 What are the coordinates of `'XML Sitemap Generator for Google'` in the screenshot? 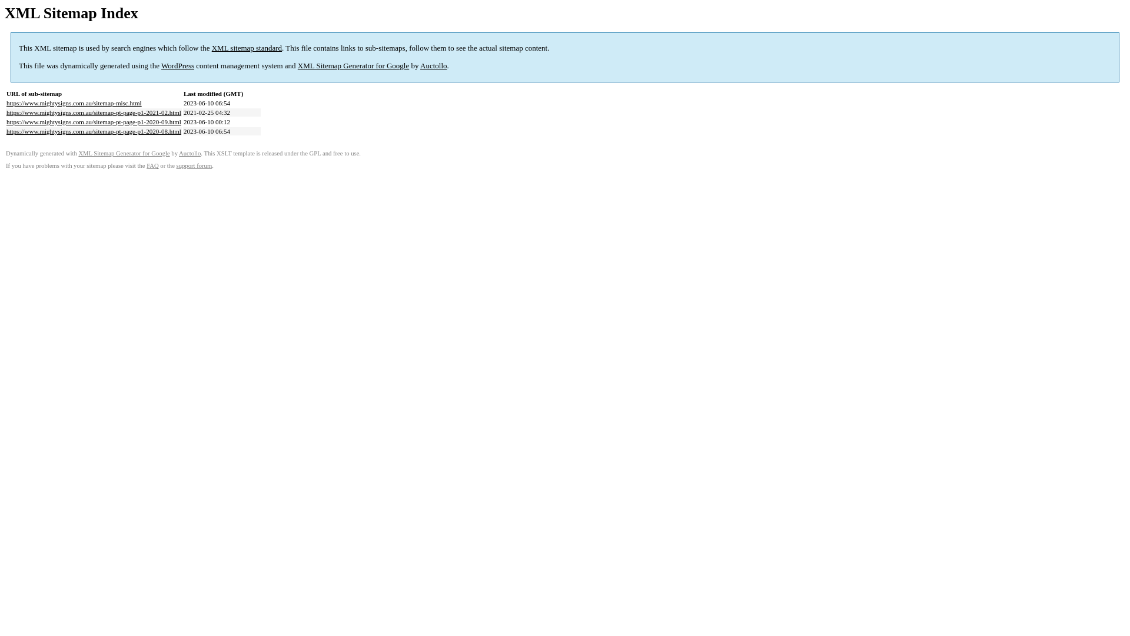 It's located at (353, 65).